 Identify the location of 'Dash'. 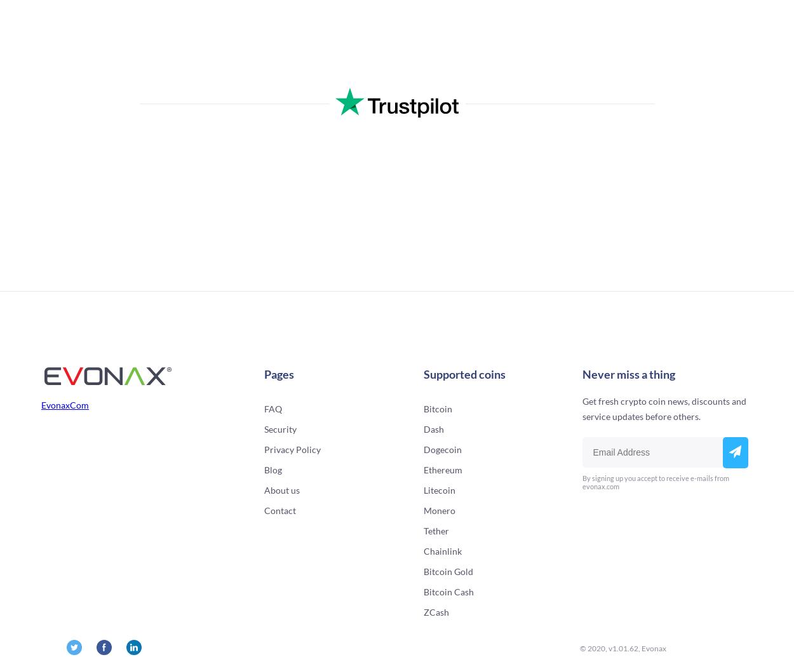
(433, 429).